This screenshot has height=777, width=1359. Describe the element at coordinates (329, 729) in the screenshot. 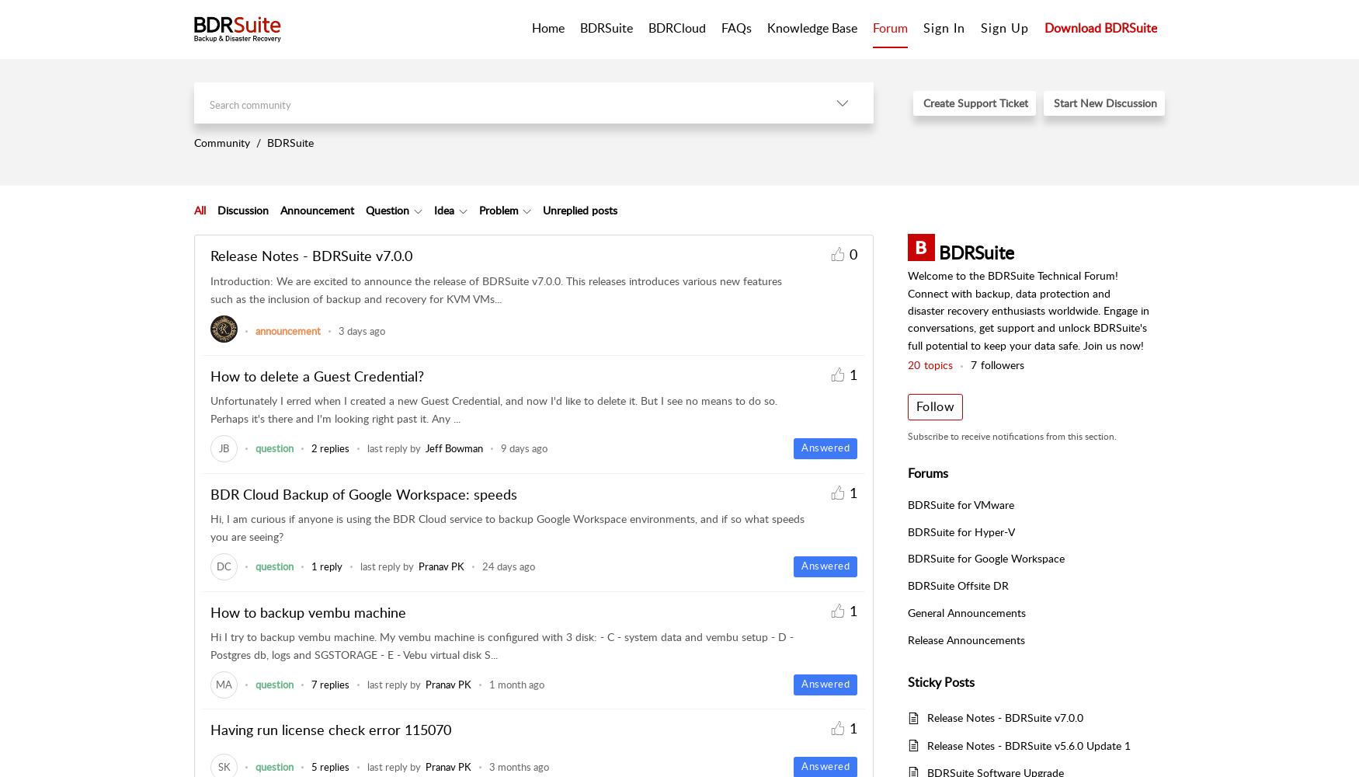

I see `'Having run license check error 115070'` at that location.